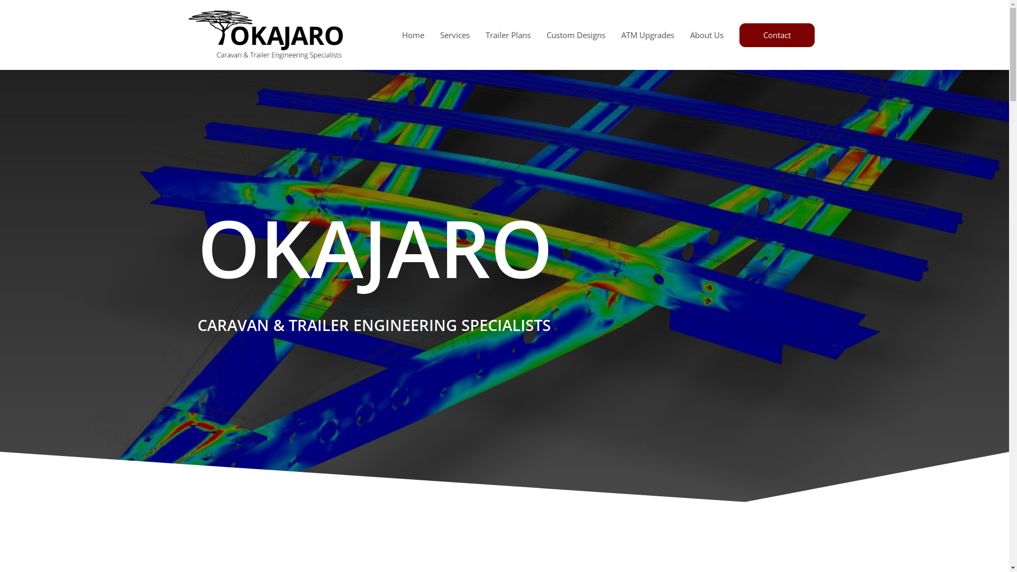 The height and width of the screenshot is (572, 1017). I want to click on 'Home', so click(394, 34).